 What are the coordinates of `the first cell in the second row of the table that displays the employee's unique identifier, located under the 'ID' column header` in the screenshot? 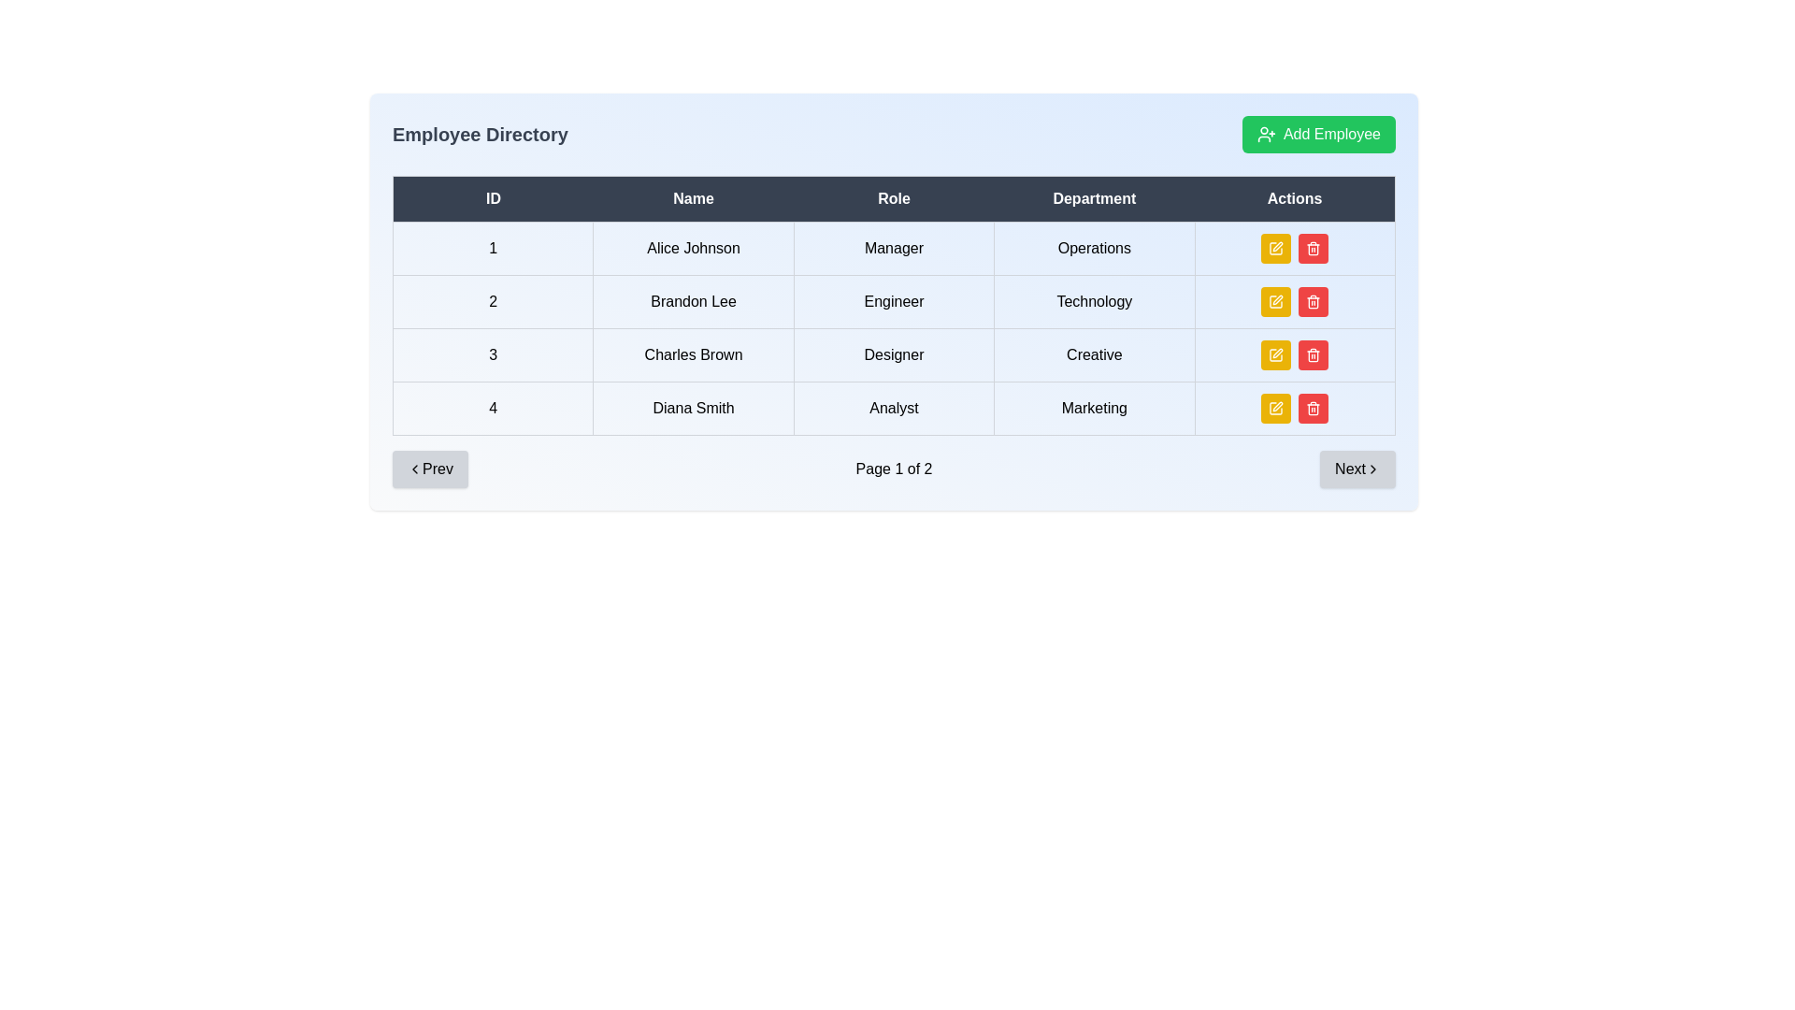 It's located at (493, 301).